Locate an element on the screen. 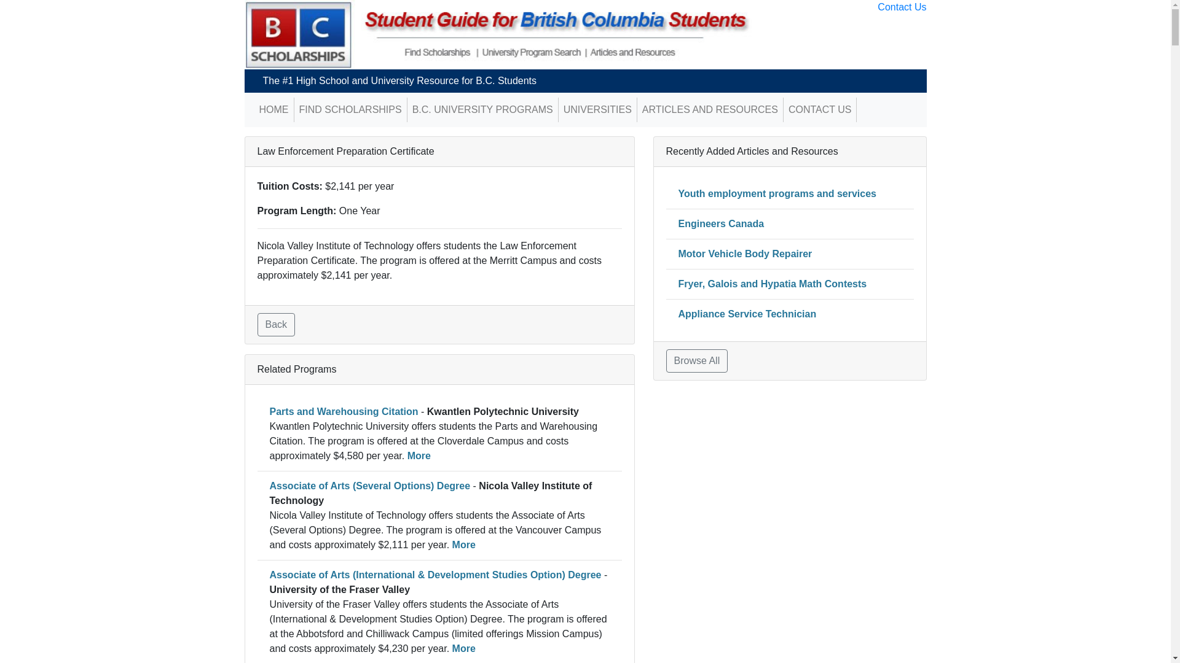 The width and height of the screenshot is (1180, 663). 'HOME' is located at coordinates (273, 109).